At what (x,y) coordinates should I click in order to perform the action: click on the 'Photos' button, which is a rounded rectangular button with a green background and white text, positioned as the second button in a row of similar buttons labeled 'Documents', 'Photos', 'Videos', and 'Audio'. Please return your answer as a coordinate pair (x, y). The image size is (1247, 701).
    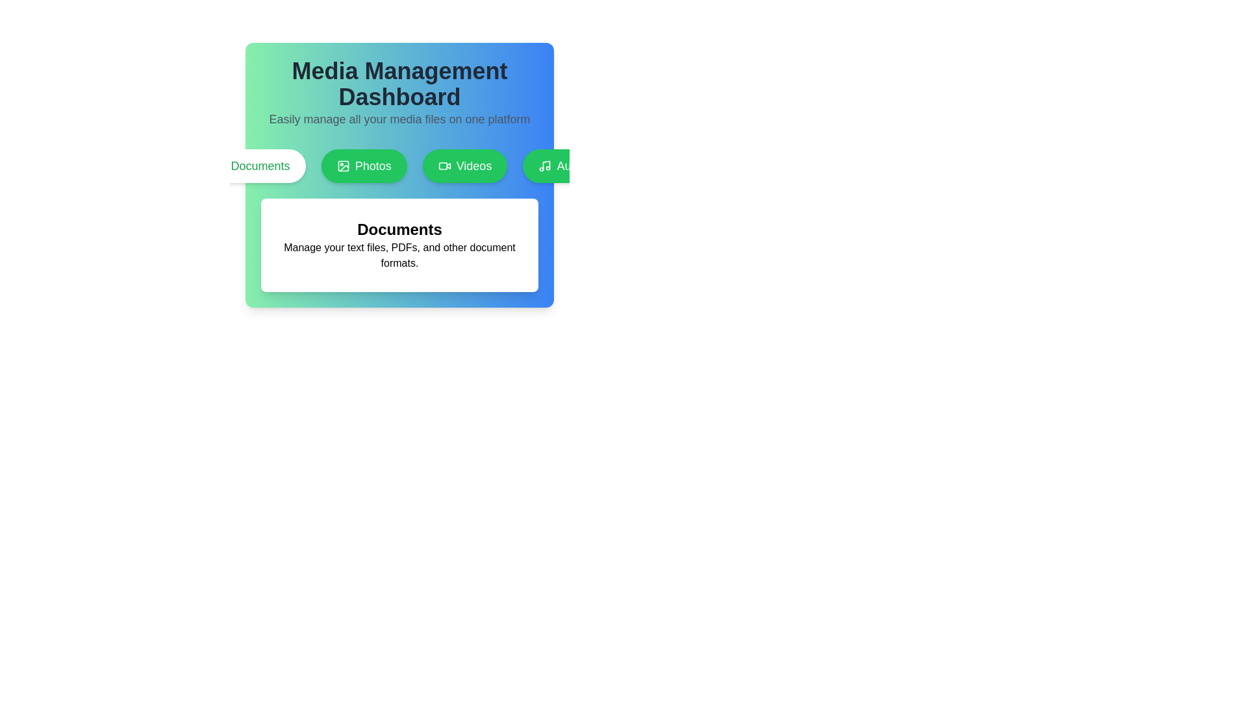
    Looking at the image, I should click on (399, 165).